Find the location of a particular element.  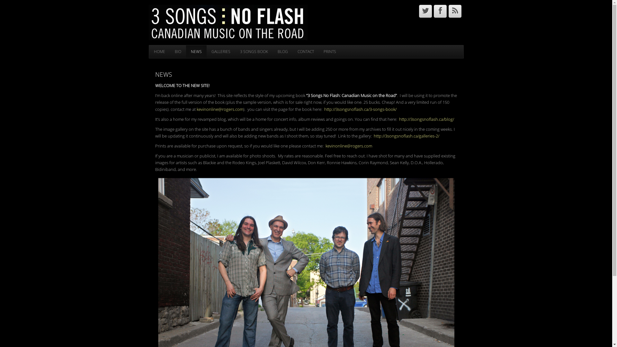

'3 Songs No Flash Facebook' is located at coordinates (440, 11).